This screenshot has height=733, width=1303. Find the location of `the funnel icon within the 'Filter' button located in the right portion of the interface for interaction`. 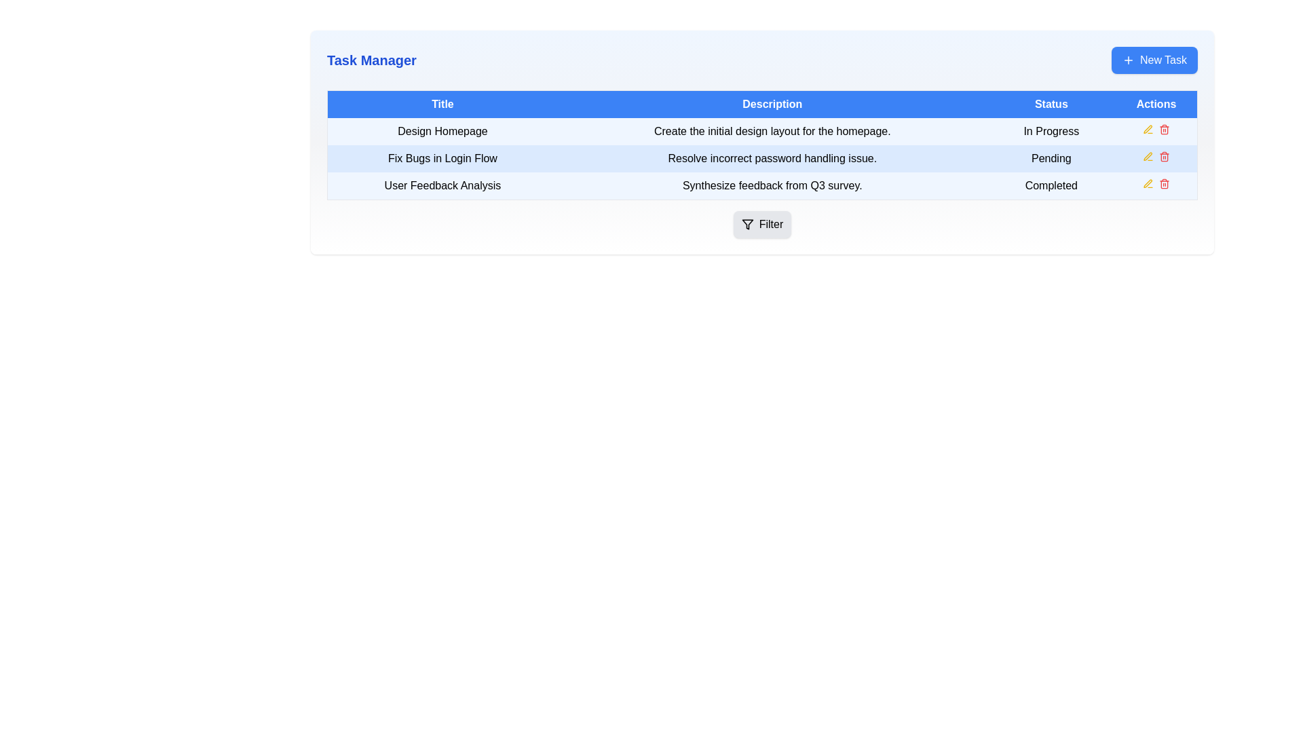

the funnel icon within the 'Filter' button located in the right portion of the interface for interaction is located at coordinates (747, 224).